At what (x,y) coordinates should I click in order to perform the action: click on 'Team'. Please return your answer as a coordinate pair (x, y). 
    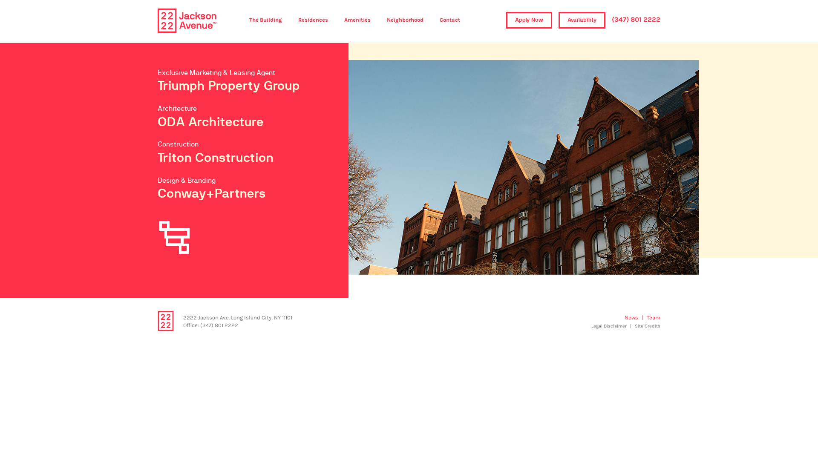
    Looking at the image, I should click on (653, 317).